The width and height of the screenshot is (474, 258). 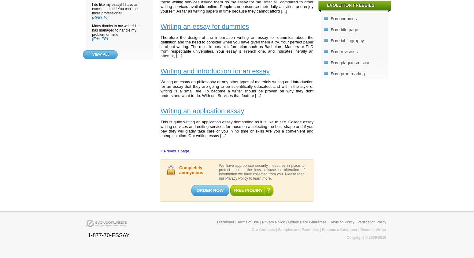 What do you see at coordinates (351, 40) in the screenshot?
I see `'bibliography'` at bounding box center [351, 40].